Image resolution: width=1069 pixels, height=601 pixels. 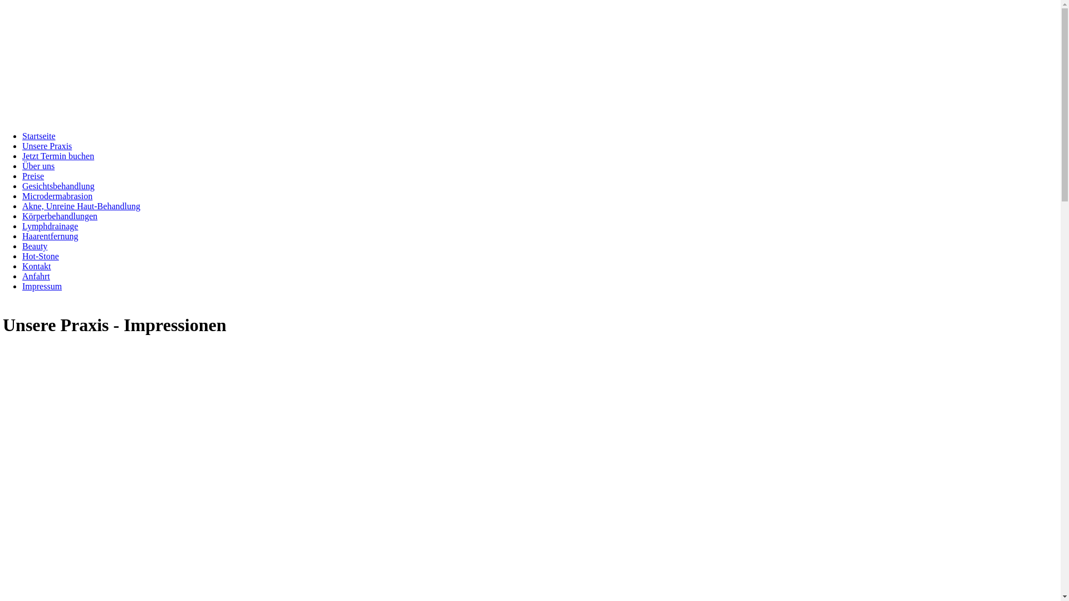 I want to click on 'Lymphdrainage', so click(x=50, y=225).